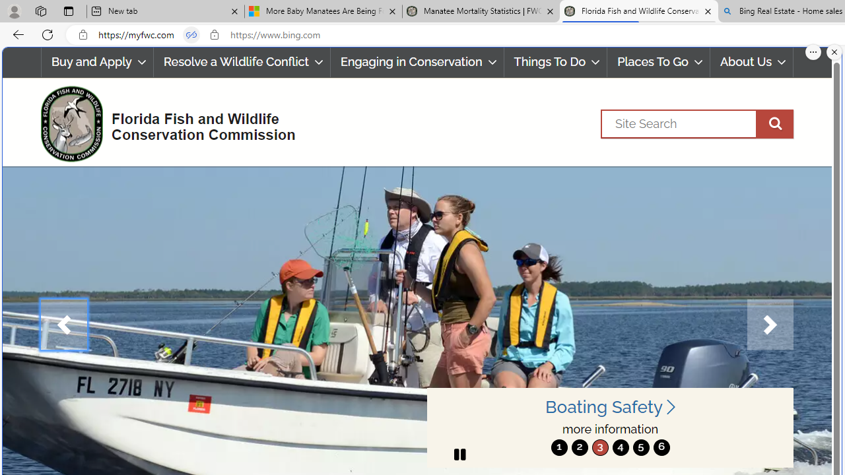  I want to click on 'Resolve a Wildlife Conflict', so click(242, 62).